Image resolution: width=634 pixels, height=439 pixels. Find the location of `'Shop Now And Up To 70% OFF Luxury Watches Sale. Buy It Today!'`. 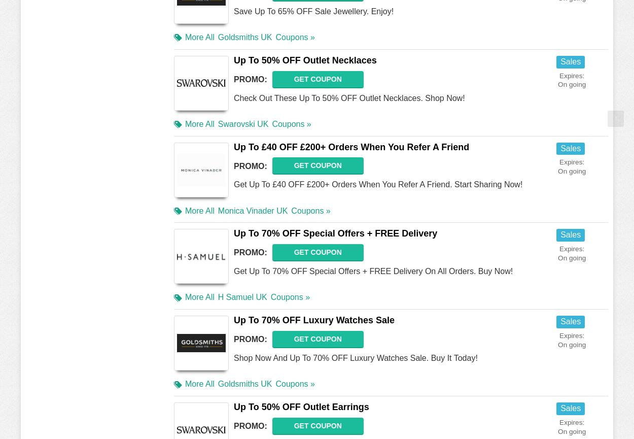

'Shop Now And Up To 70% OFF Luxury Watches Sale. Buy It Today!' is located at coordinates (355, 358).